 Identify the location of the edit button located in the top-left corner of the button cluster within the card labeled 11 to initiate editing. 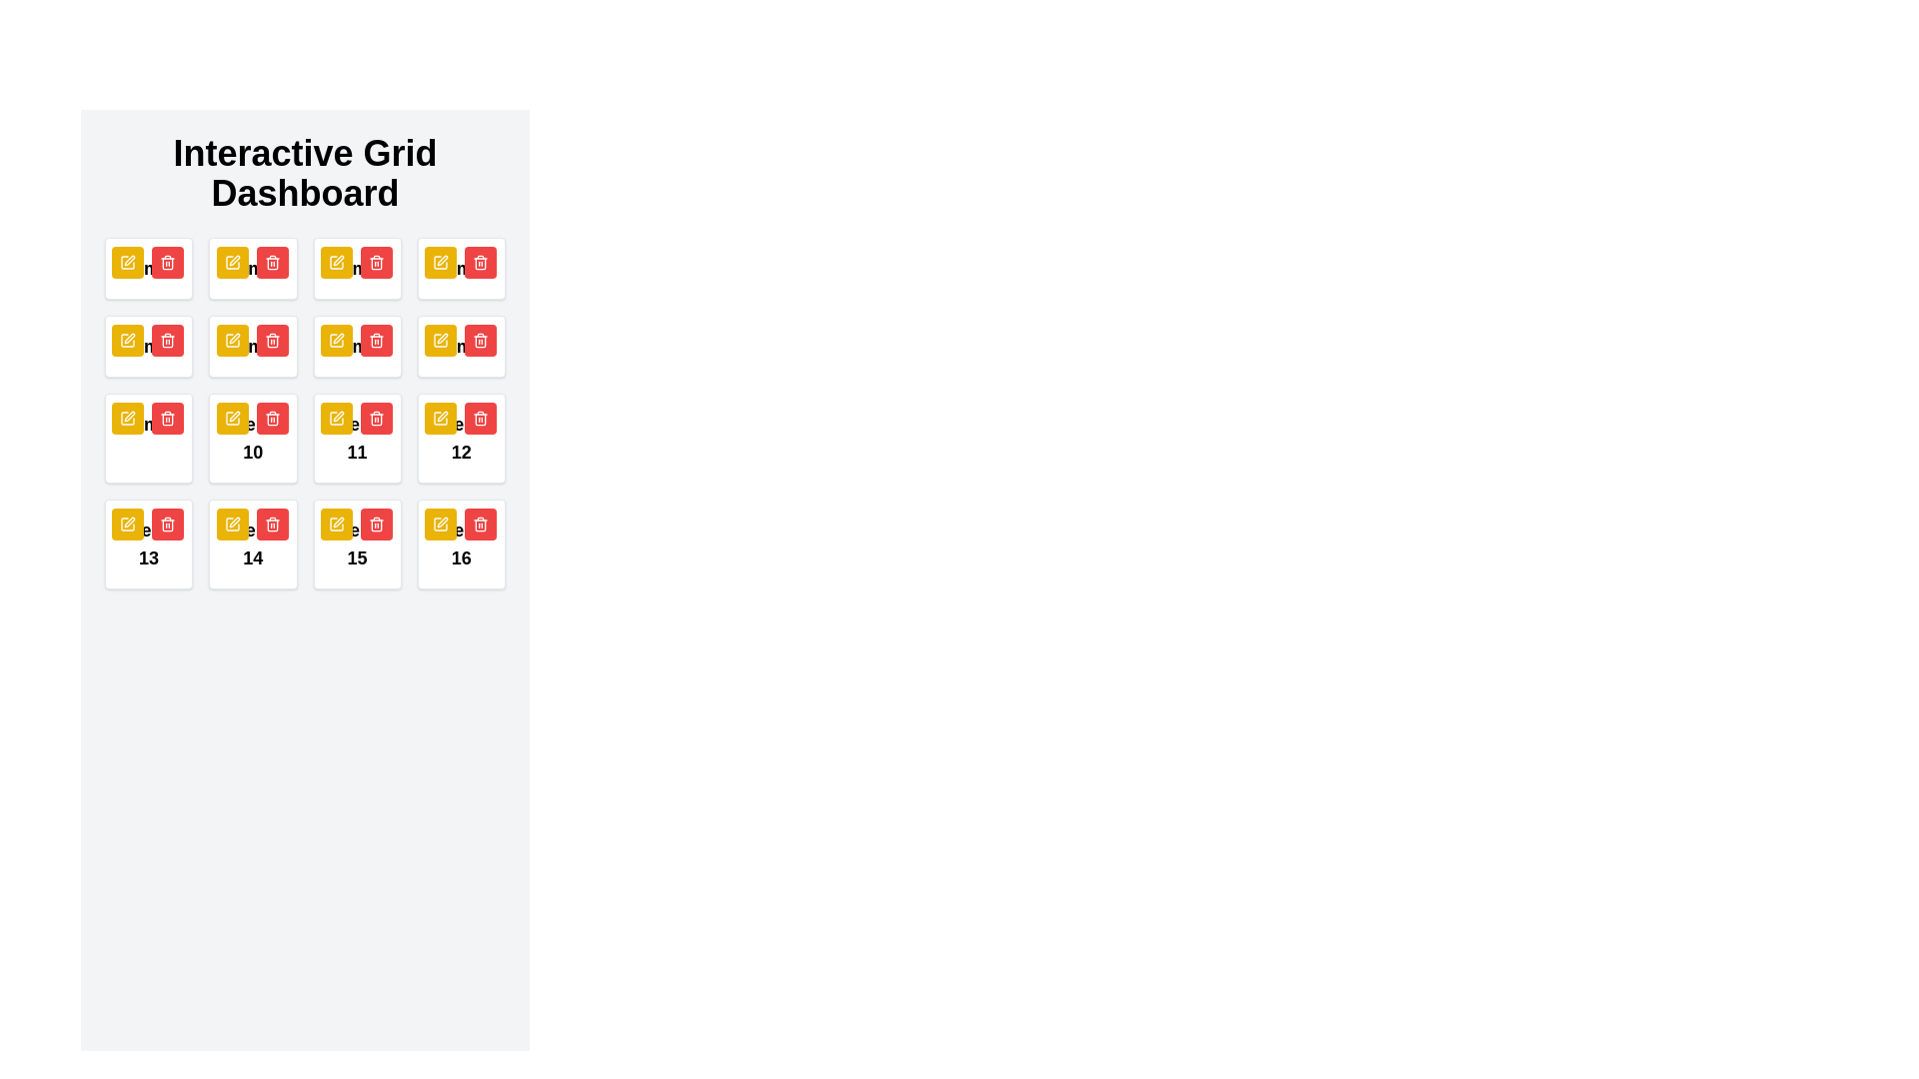
(336, 339).